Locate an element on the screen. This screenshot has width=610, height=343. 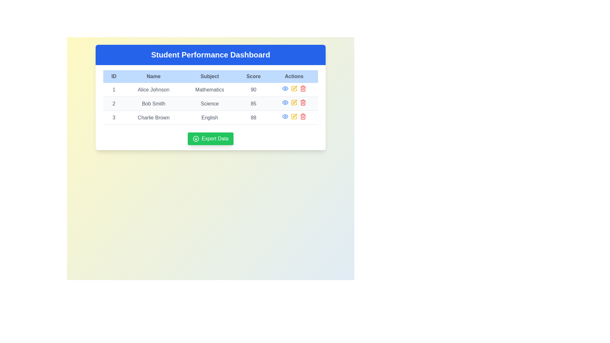
the prominent green 'Export Data' button located beneath the data table to initiate data export is located at coordinates (210, 138).